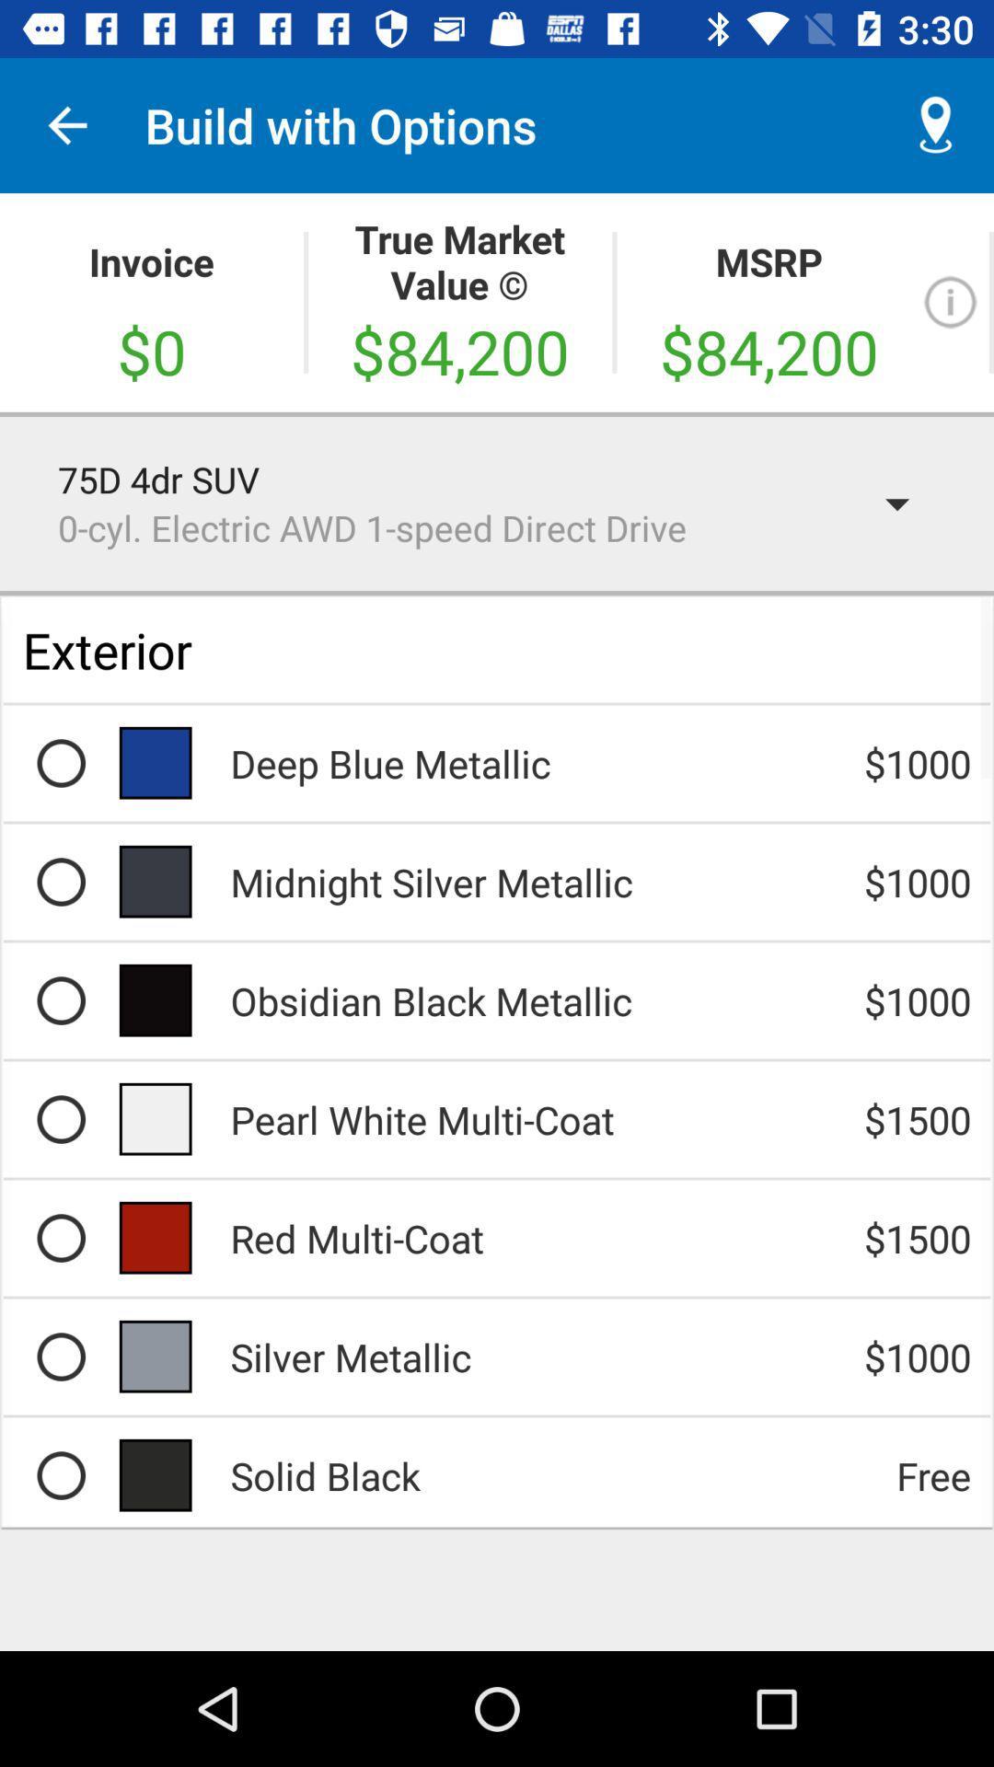  What do you see at coordinates (60, 999) in the screenshot?
I see `share the article` at bounding box center [60, 999].